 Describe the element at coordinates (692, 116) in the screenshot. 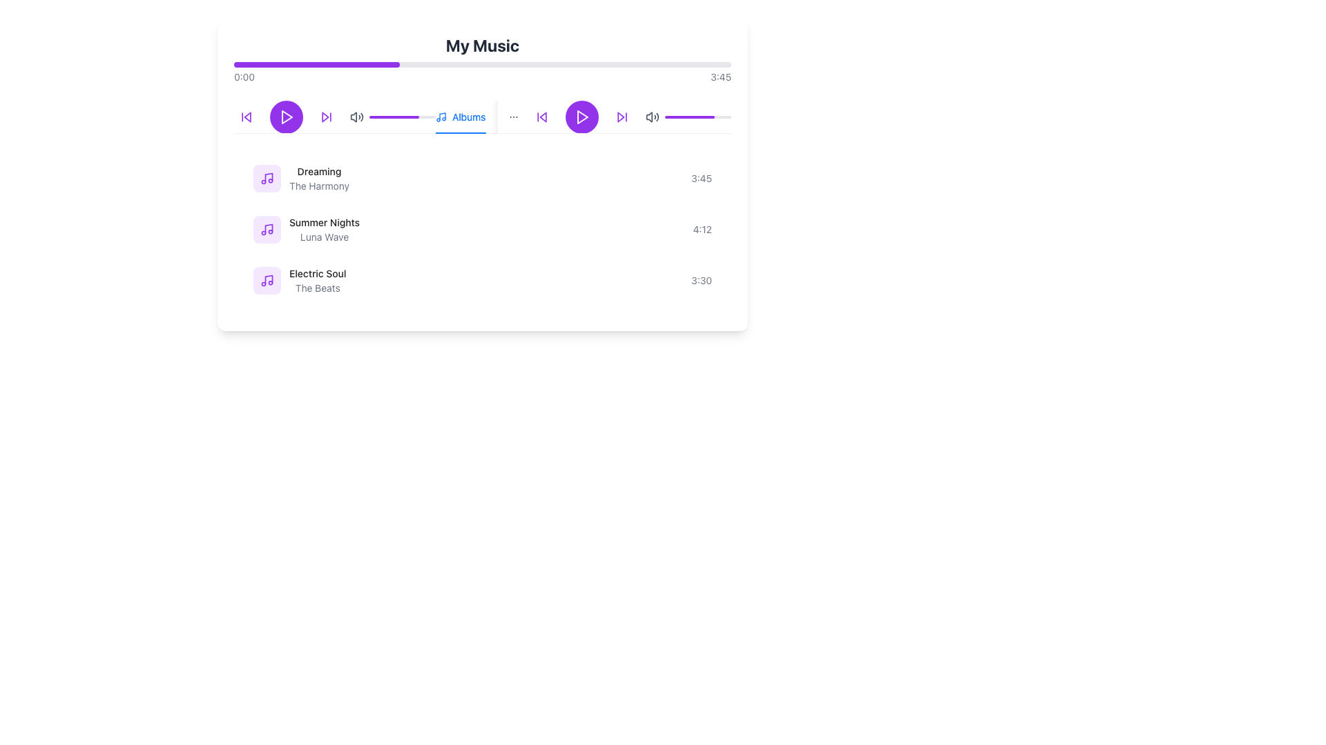

I see `volume` at that location.